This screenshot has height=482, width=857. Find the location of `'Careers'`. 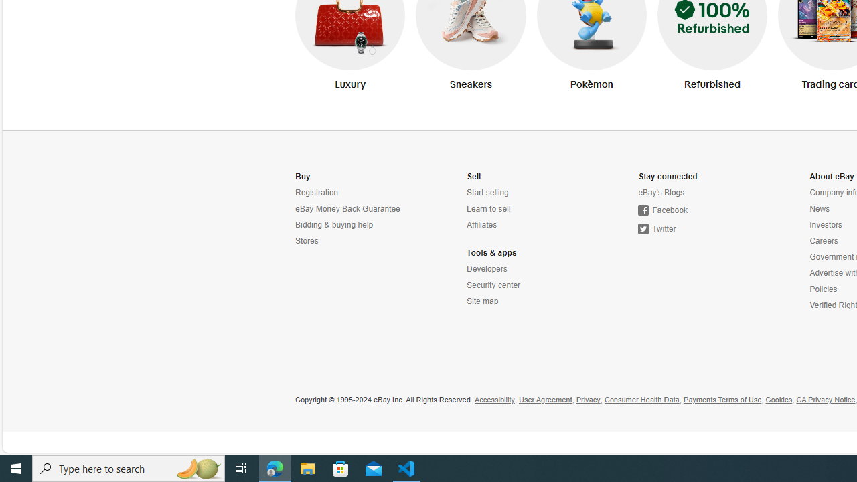

'Careers' is located at coordinates (823, 241).